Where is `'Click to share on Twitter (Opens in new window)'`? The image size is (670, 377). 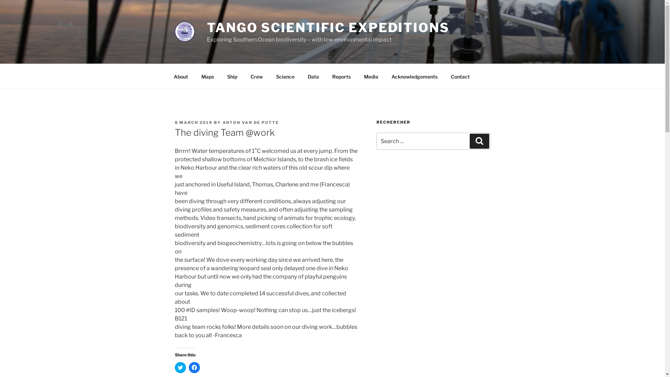 'Click to share on Twitter (Opens in new window)' is located at coordinates (180, 367).